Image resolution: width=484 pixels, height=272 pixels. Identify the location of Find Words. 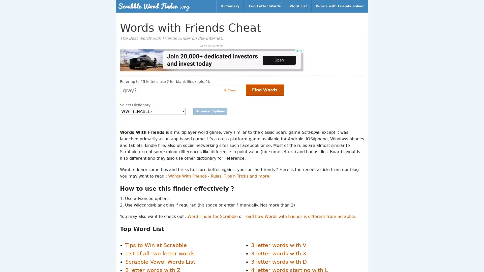
(264, 90).